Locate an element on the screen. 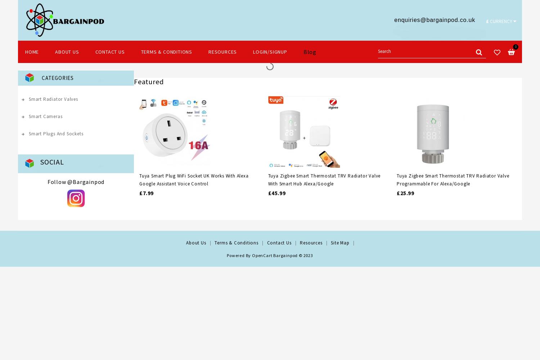 The image size is (540, 360). 'Powered By' is located at coordinates (239, 255).